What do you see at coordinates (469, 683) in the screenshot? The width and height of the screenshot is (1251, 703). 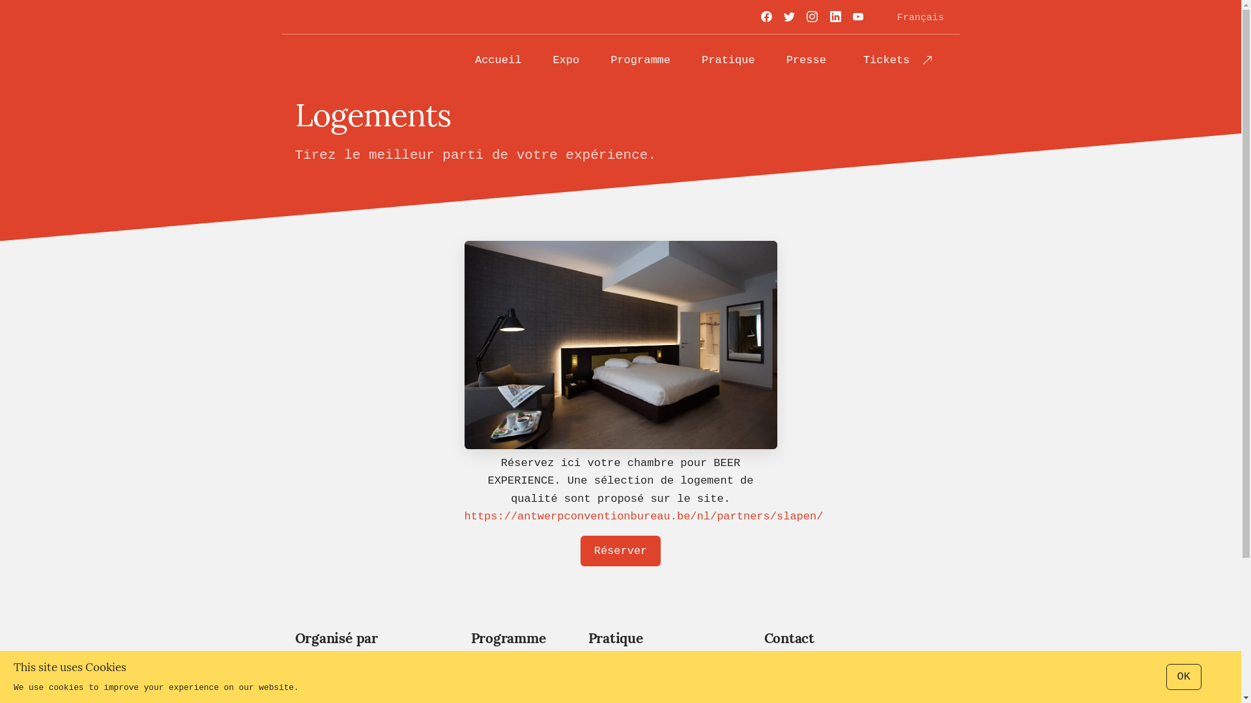 I see `'Exposition'` at bounding box center [469, 683].